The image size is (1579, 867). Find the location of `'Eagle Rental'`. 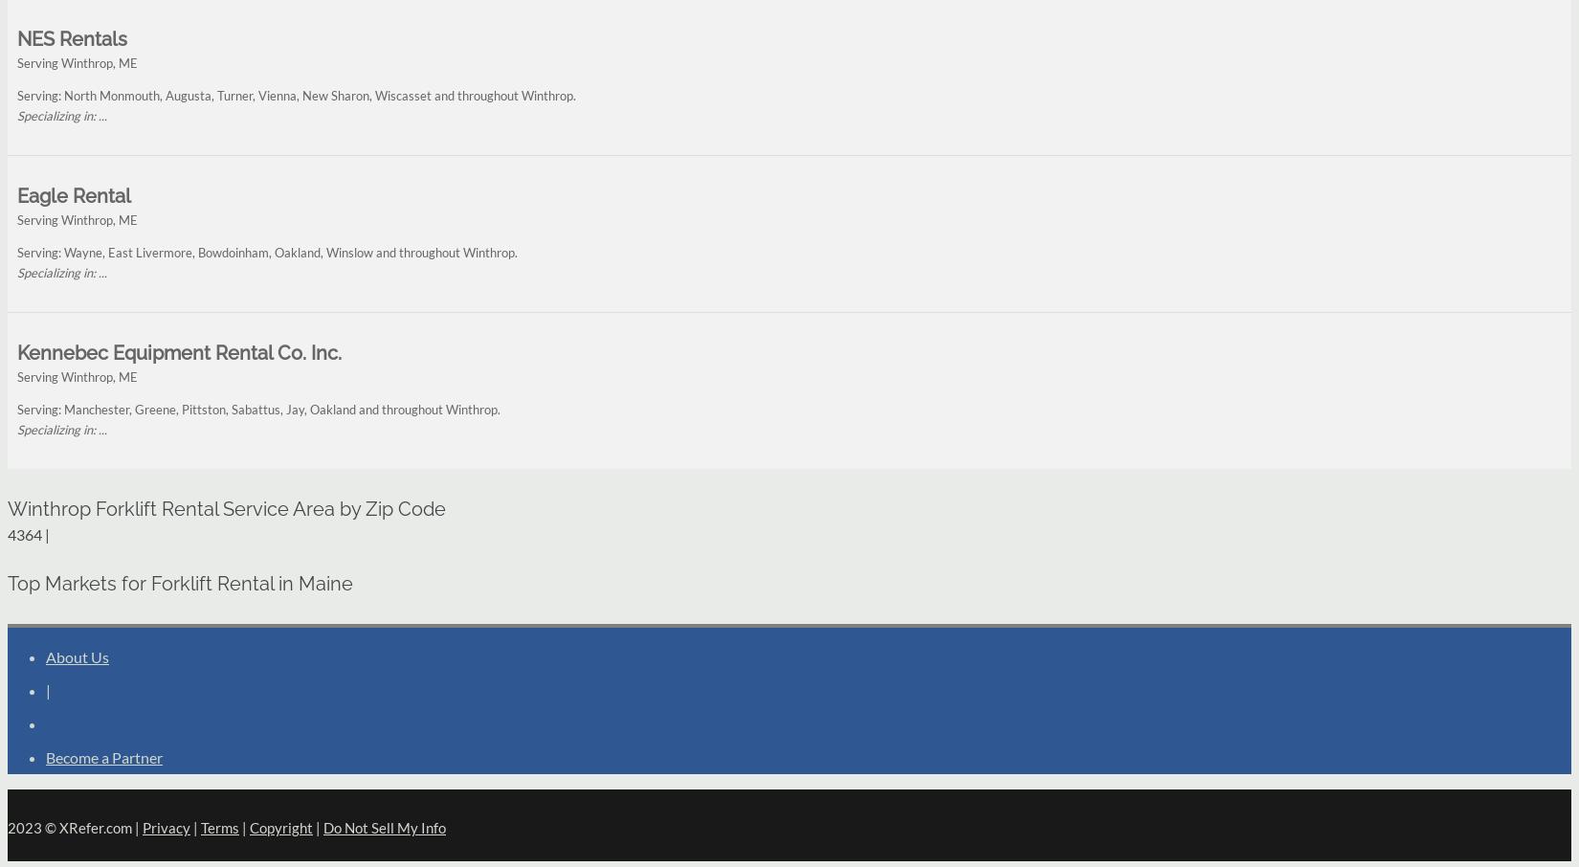

'Eagle Rental' is located at coordinates (74, 195).